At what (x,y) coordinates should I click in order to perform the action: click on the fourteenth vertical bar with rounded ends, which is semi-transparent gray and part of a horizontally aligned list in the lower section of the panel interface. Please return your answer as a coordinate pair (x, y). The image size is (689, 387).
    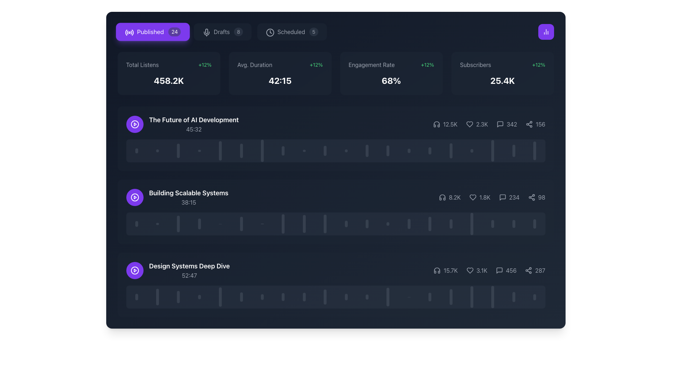
    Looking at the image, I should click on (430, 297).